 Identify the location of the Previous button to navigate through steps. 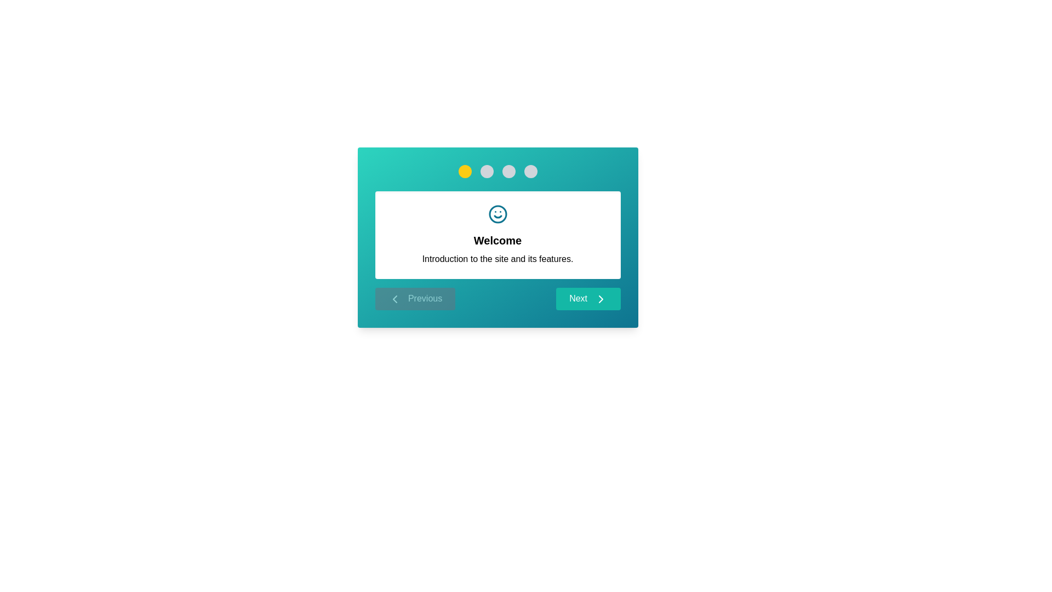
(414, 299).